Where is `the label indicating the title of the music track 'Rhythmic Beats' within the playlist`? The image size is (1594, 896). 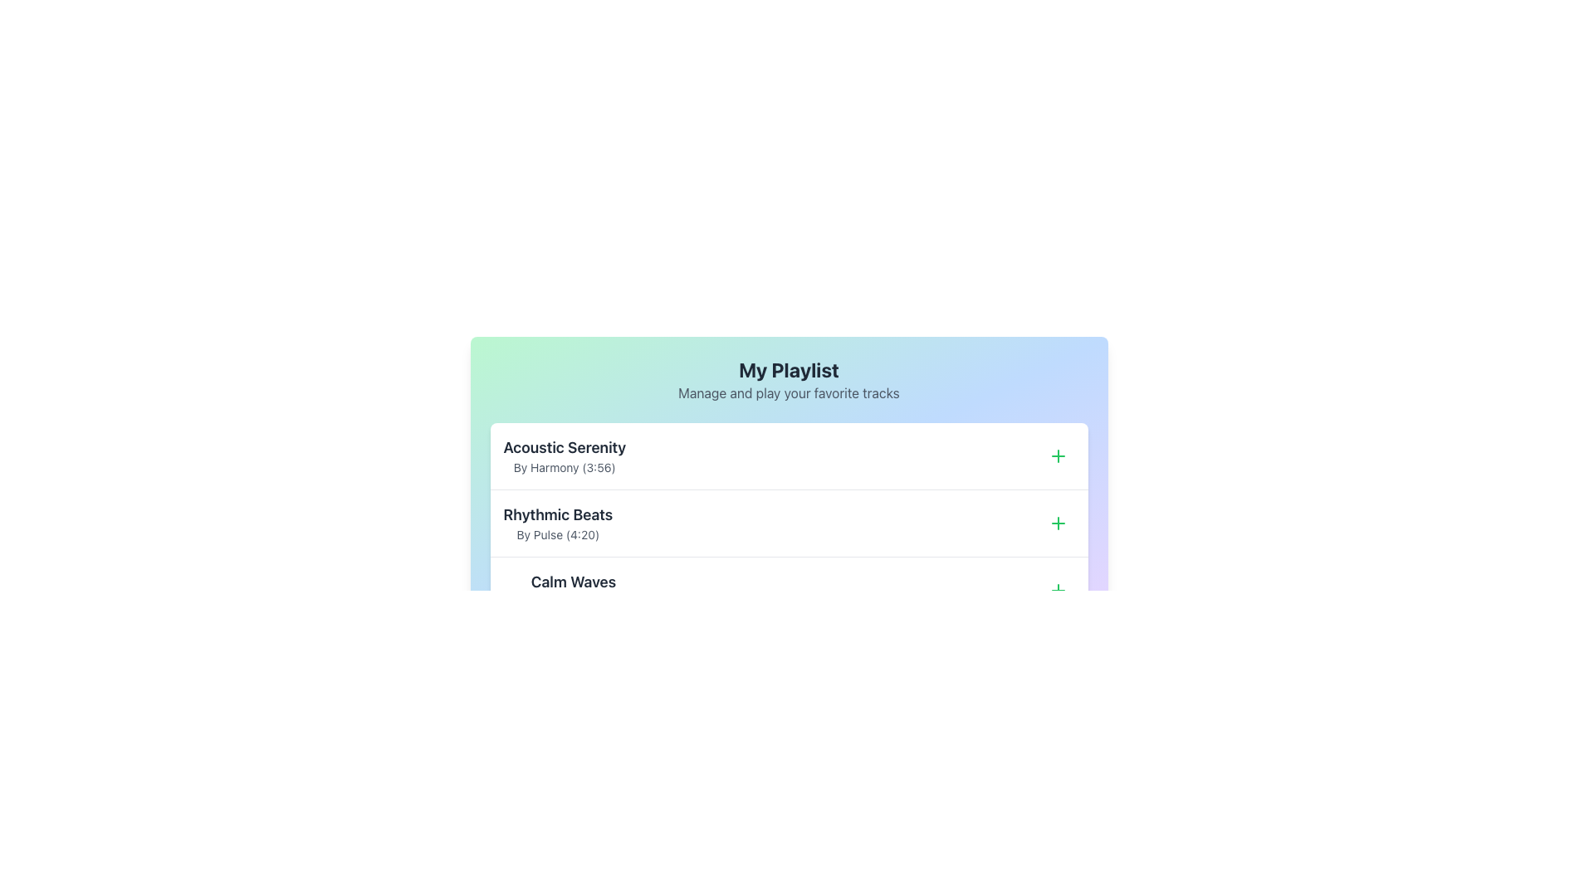
the label indicating the title of the music track 'Rhythmic Beats' within the playlist is located at coordinates (558, 514).